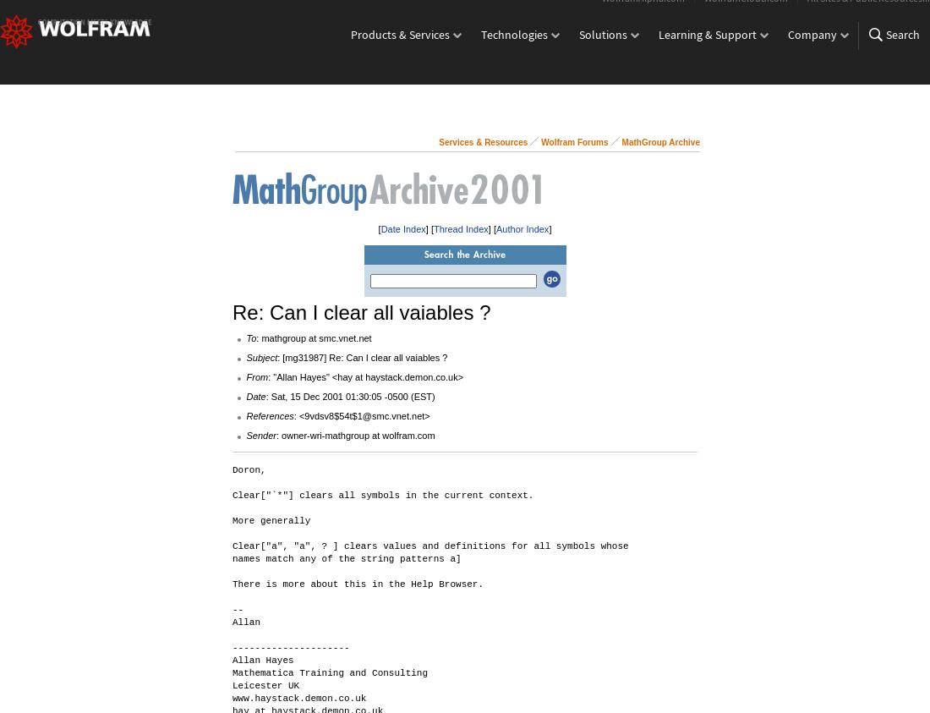 This screenshot has width=930, height=713. Describe the element at coordinates (902, 47) in the screenshot. I see `'Search'` at that location.